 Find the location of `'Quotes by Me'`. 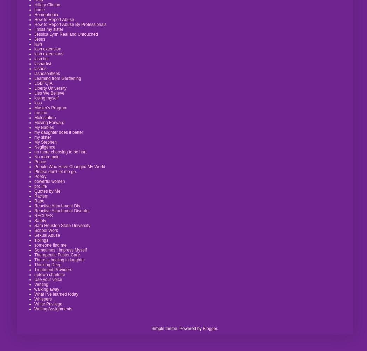

'Quotes by Me' is located at coordinates (47, 191).